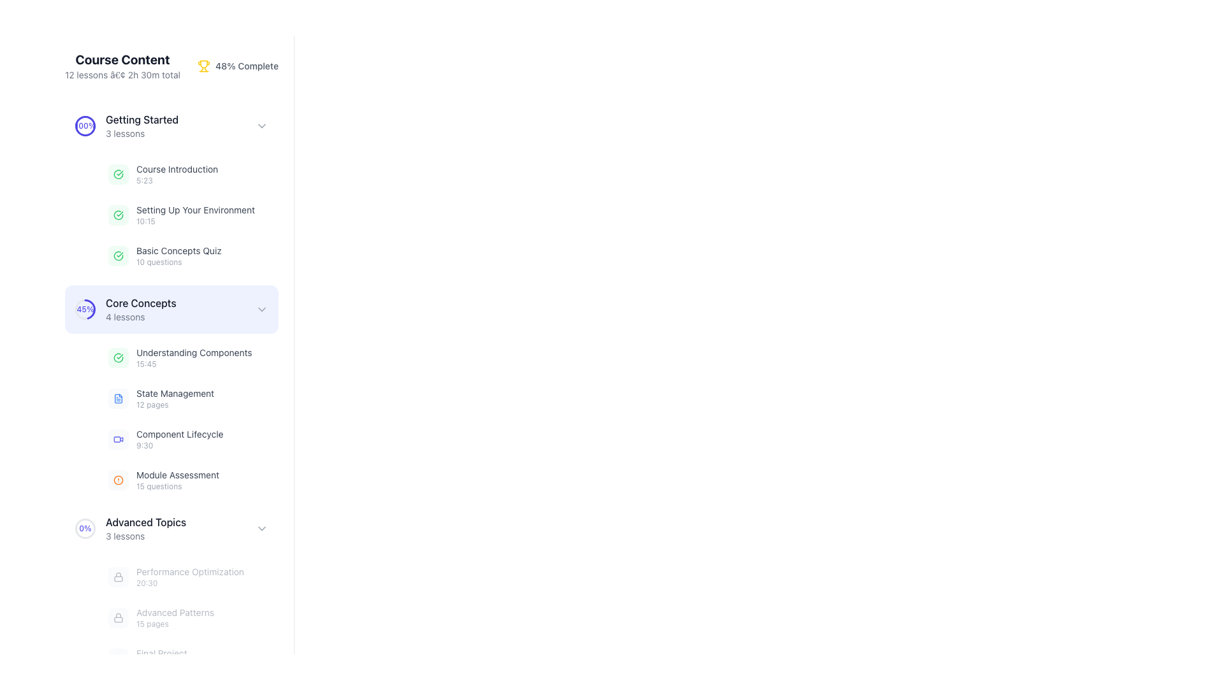 The height and width of the screenshot is (688, 1224). Describe the element at coordinates (174, 617) in the screenshot. I see `text content of the 'Advanced Patterns' informational descriptor located in the lower part of the left sidebar` at that location.